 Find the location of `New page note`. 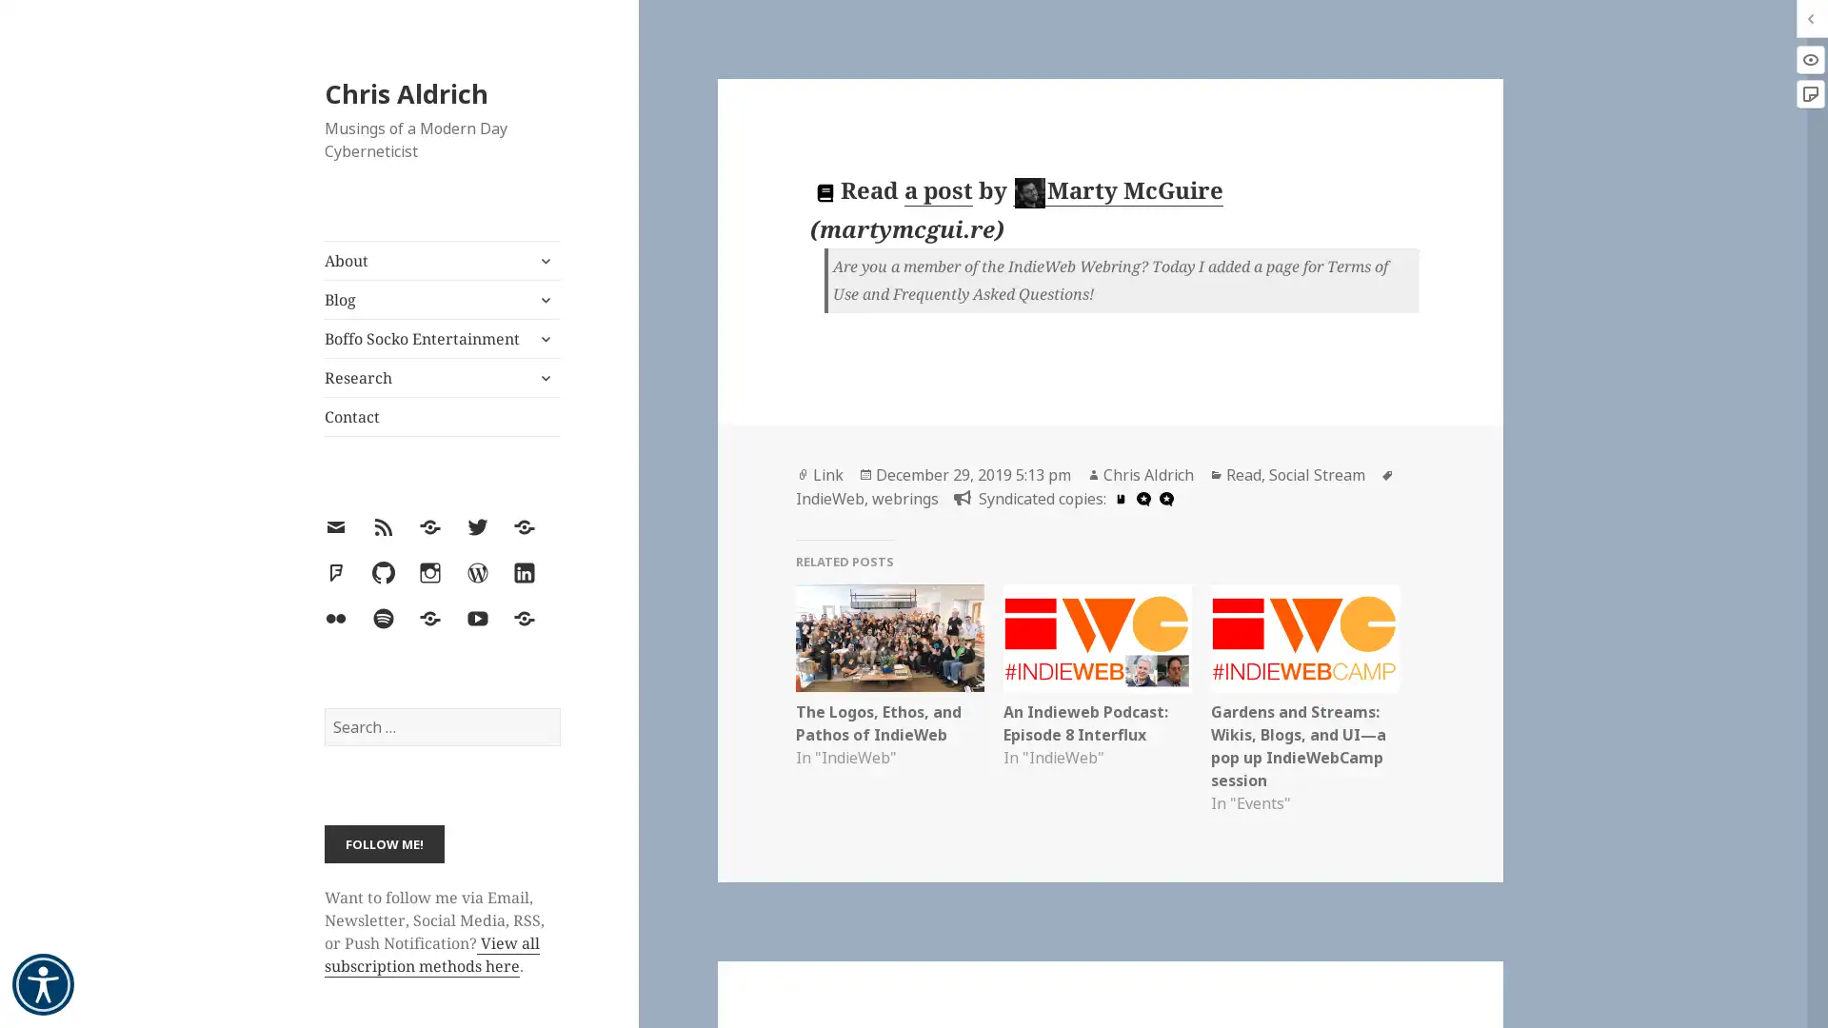

New page note is located at coordinates (1809, 94).